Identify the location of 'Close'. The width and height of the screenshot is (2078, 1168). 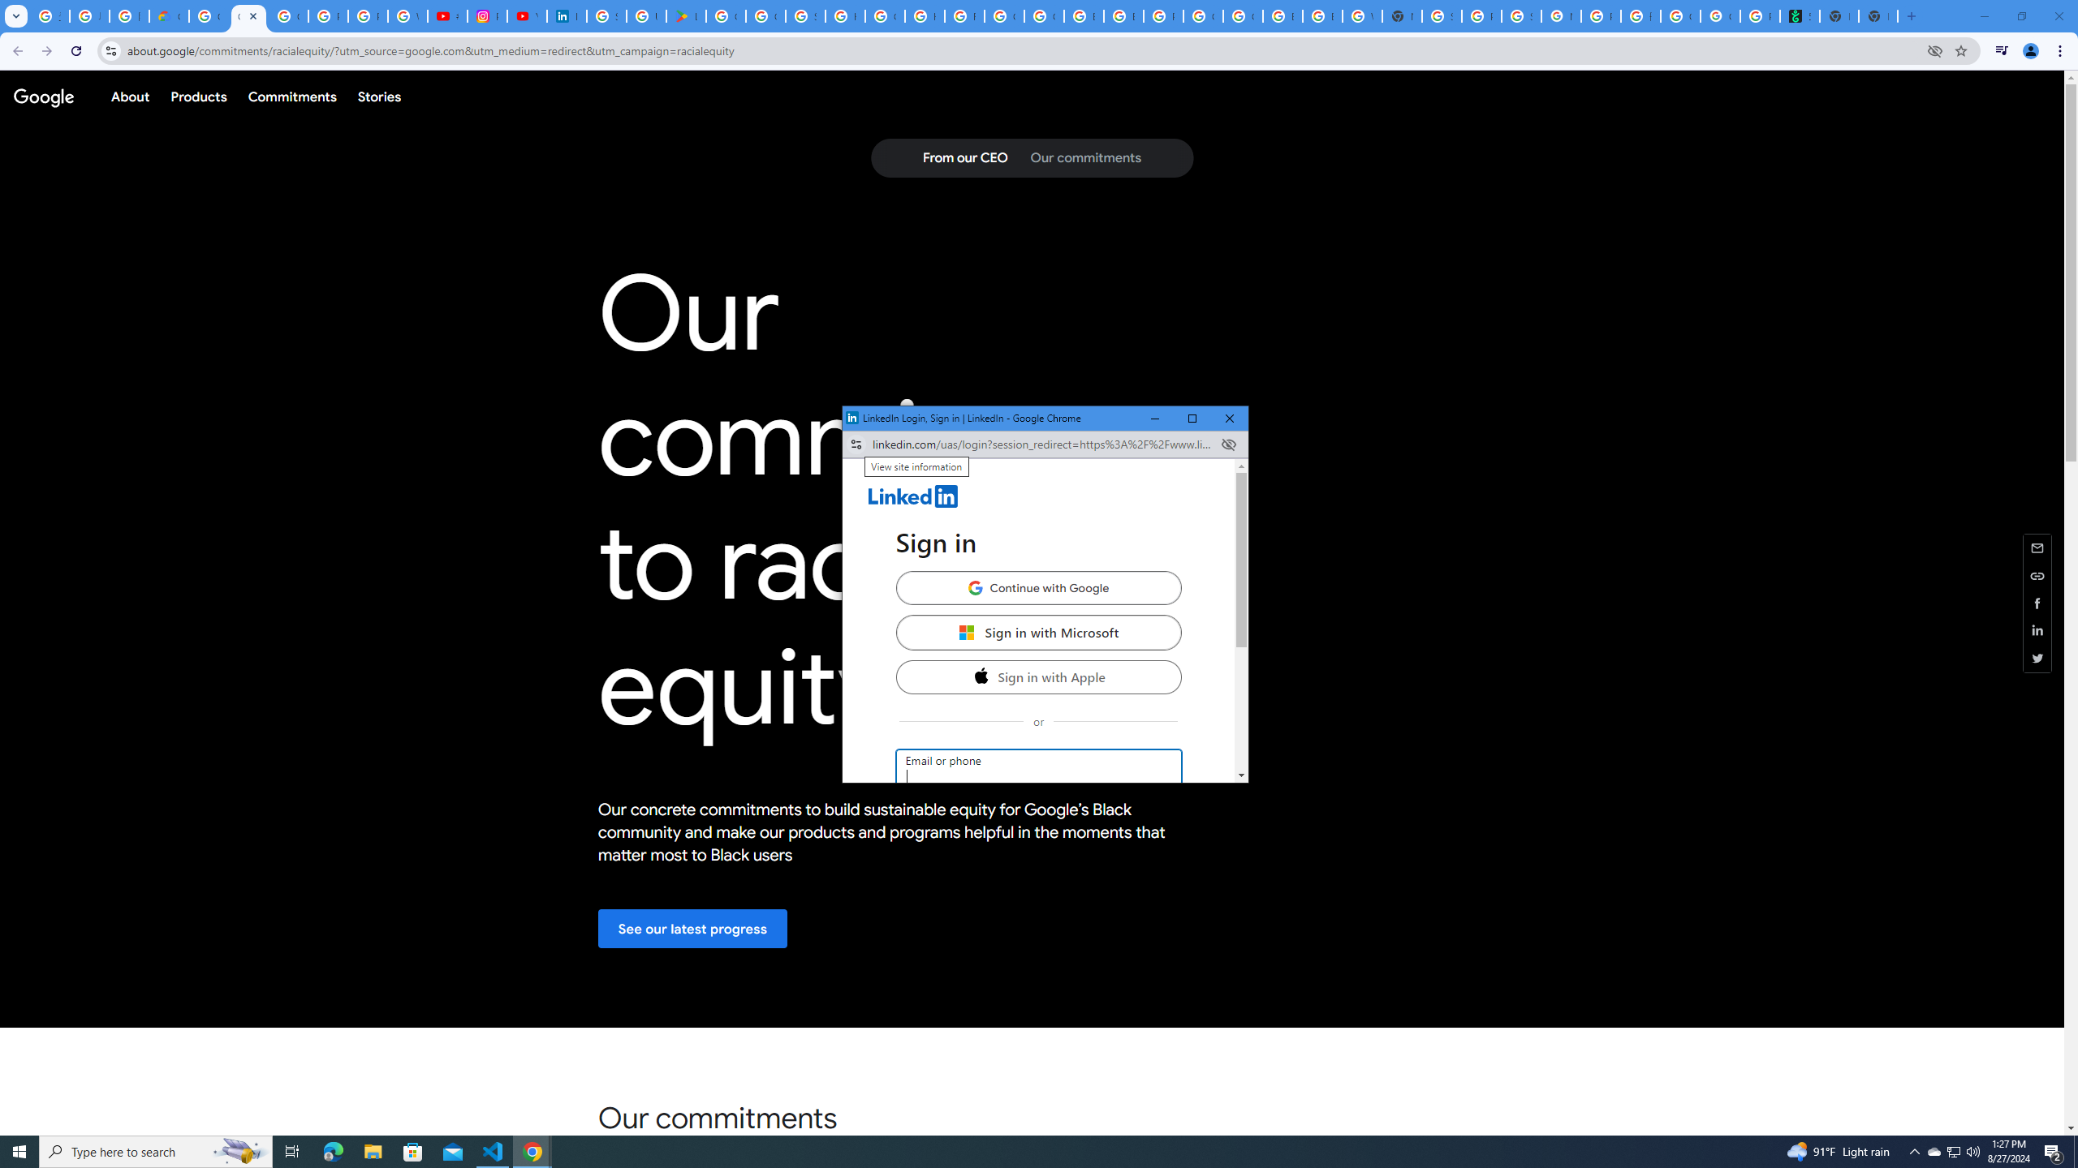
(1228, 444).